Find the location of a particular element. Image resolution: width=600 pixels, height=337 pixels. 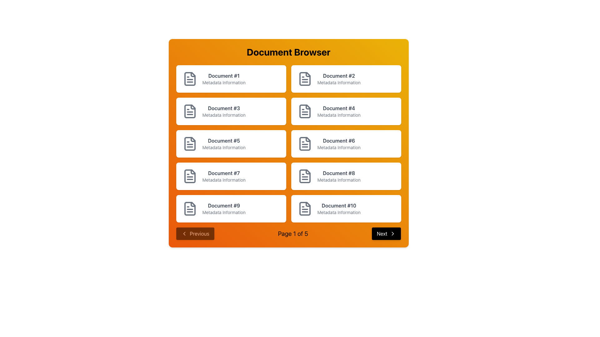

the text label located at the bottom of the last item in the grid's rightmost column, providing secondary information about the document item associated with 'Document #10' is located at coordinates (338, 212).